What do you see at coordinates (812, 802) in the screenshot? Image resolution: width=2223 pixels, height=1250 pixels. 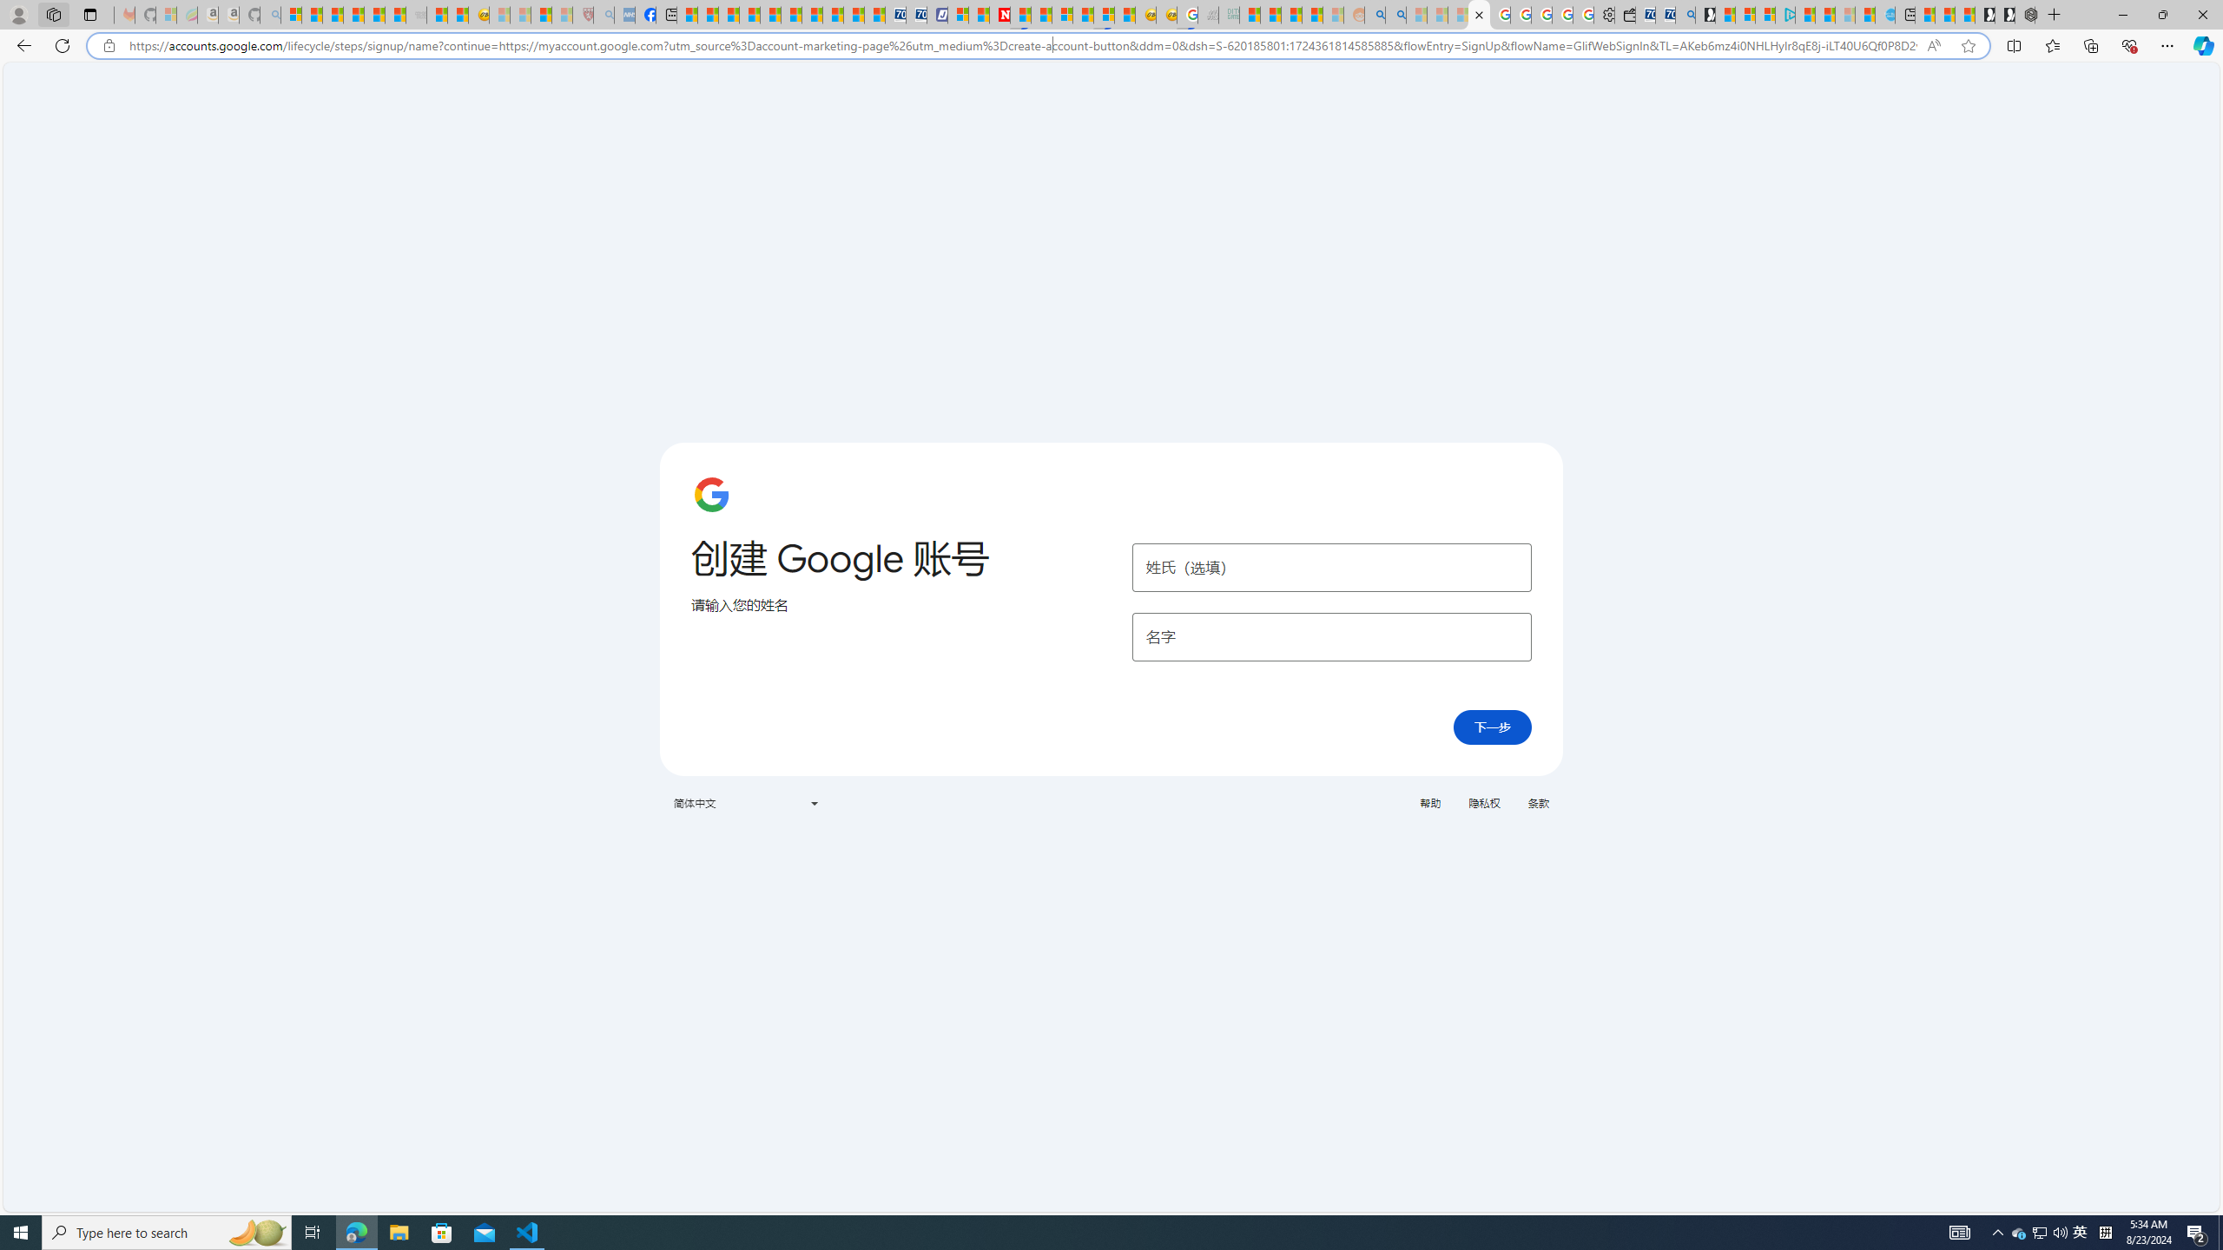 I see `'Class: VfPpkd-t08AT-Bz112c-Bd00G'` at bounding box center [812, 802].